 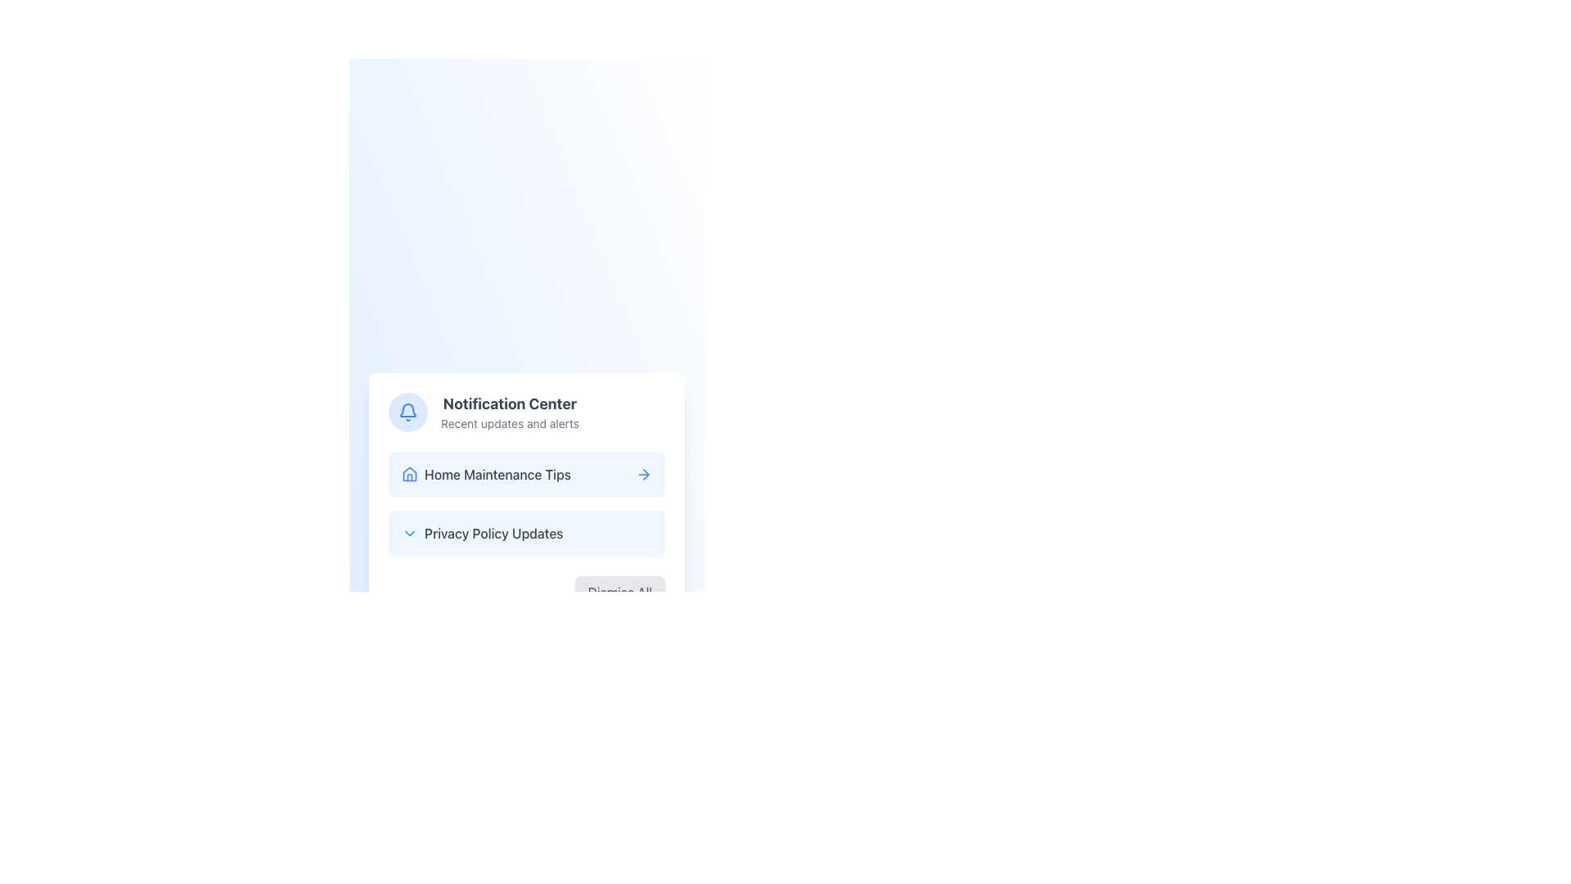 I want to click on the 'Dismiss All' button with a light gray background and rounded corners to observe interactions, so click(x=619, y=593).